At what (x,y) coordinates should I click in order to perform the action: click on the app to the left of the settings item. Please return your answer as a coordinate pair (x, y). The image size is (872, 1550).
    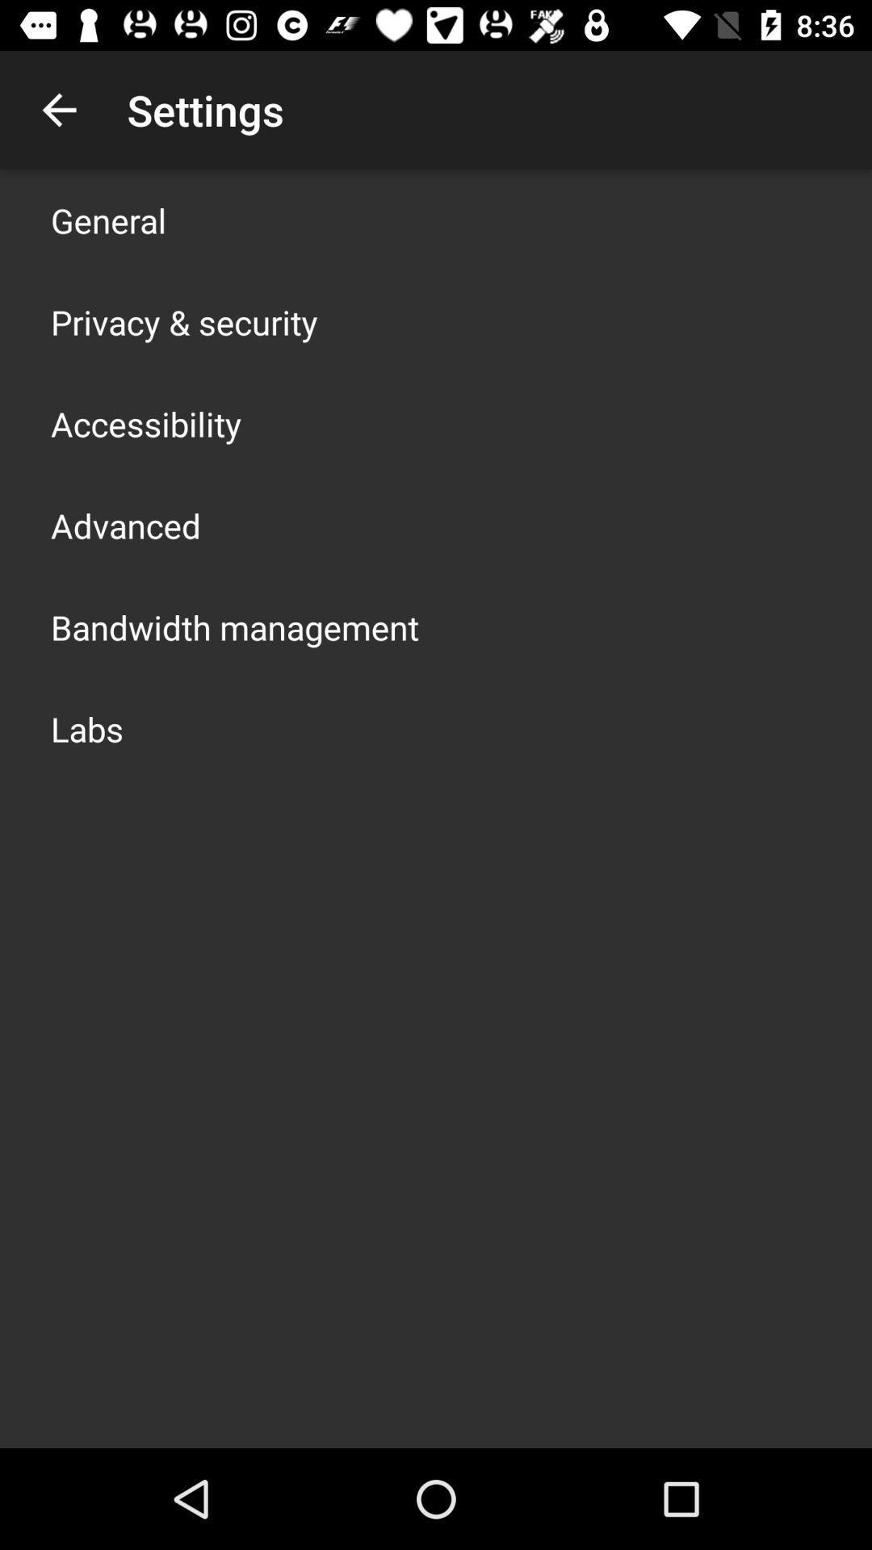
    Looking at the image, I should click on (58, 109).